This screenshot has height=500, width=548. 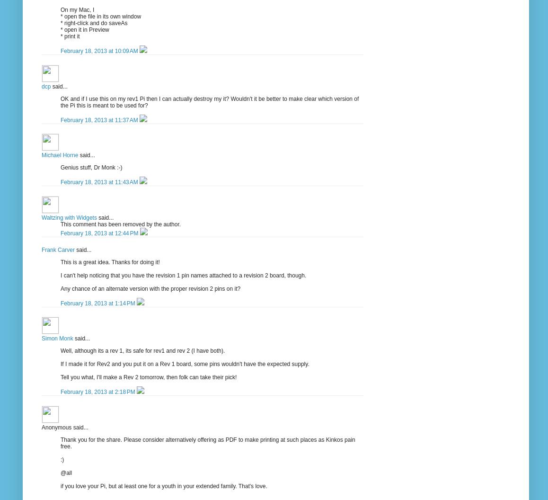 What do you see at coordinates (42, 249) in the screenshot?
I see `'Frank Carver'` at bounding box center [42, 249].